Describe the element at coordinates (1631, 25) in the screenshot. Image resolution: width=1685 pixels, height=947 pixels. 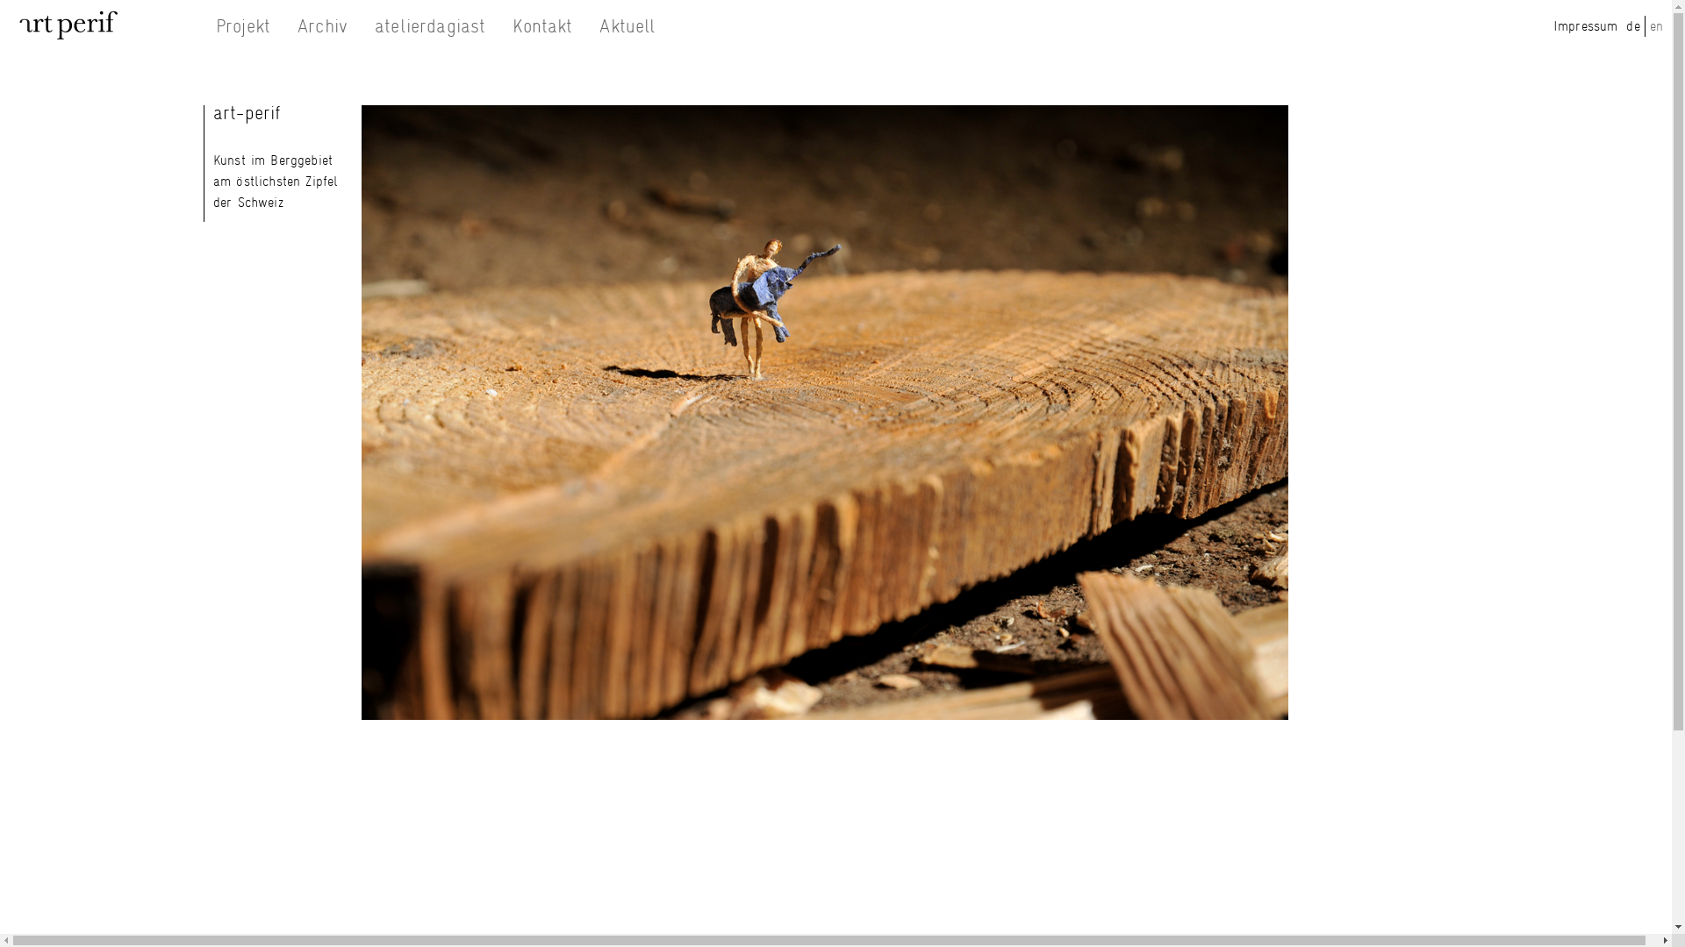
I see `'de'` at that location.